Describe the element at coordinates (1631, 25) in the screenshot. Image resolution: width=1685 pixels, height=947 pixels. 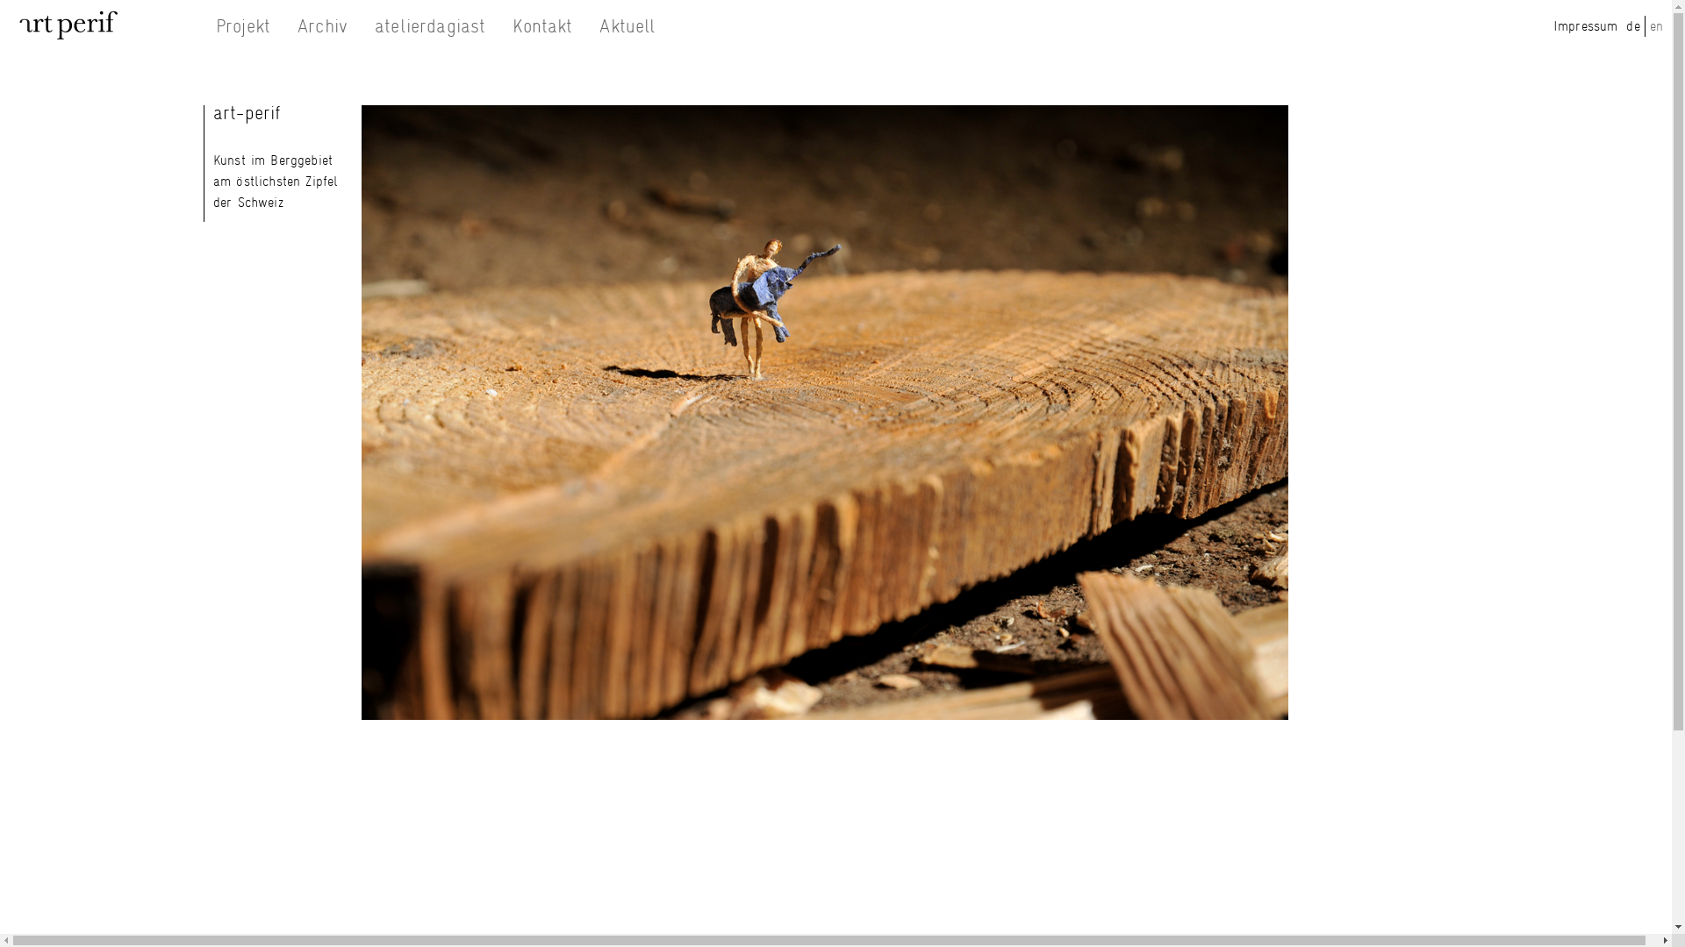
I see `'de'` at that location.